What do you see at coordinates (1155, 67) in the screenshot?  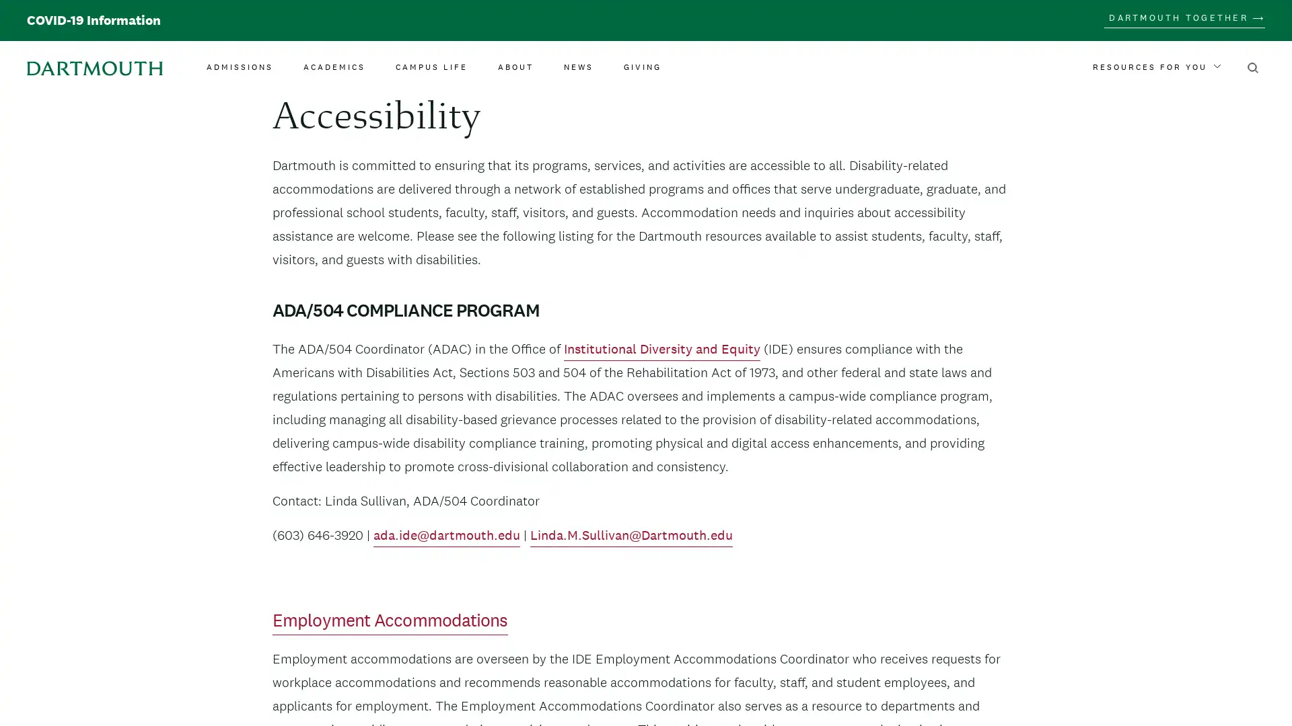 I see `RESOURCES FOR YOU` at bounding box center [1155, 67].